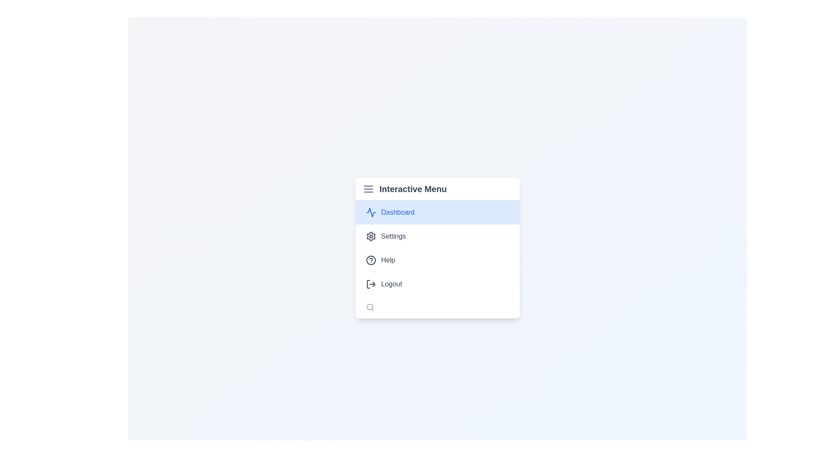 This screenshot has height=461, width=820. I want to click on the 'Settings' option in the Interactive Menu, so click(437, 248).